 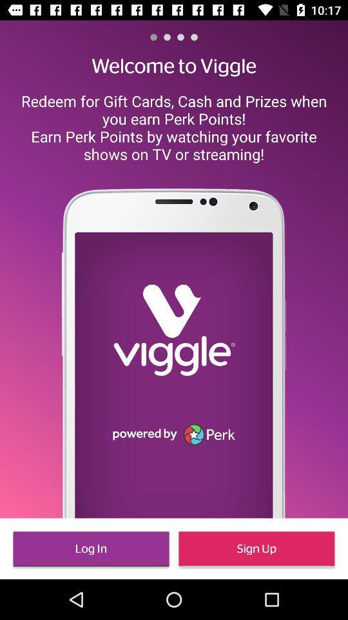 I want to click on log in item, so click(x=90, y=548).